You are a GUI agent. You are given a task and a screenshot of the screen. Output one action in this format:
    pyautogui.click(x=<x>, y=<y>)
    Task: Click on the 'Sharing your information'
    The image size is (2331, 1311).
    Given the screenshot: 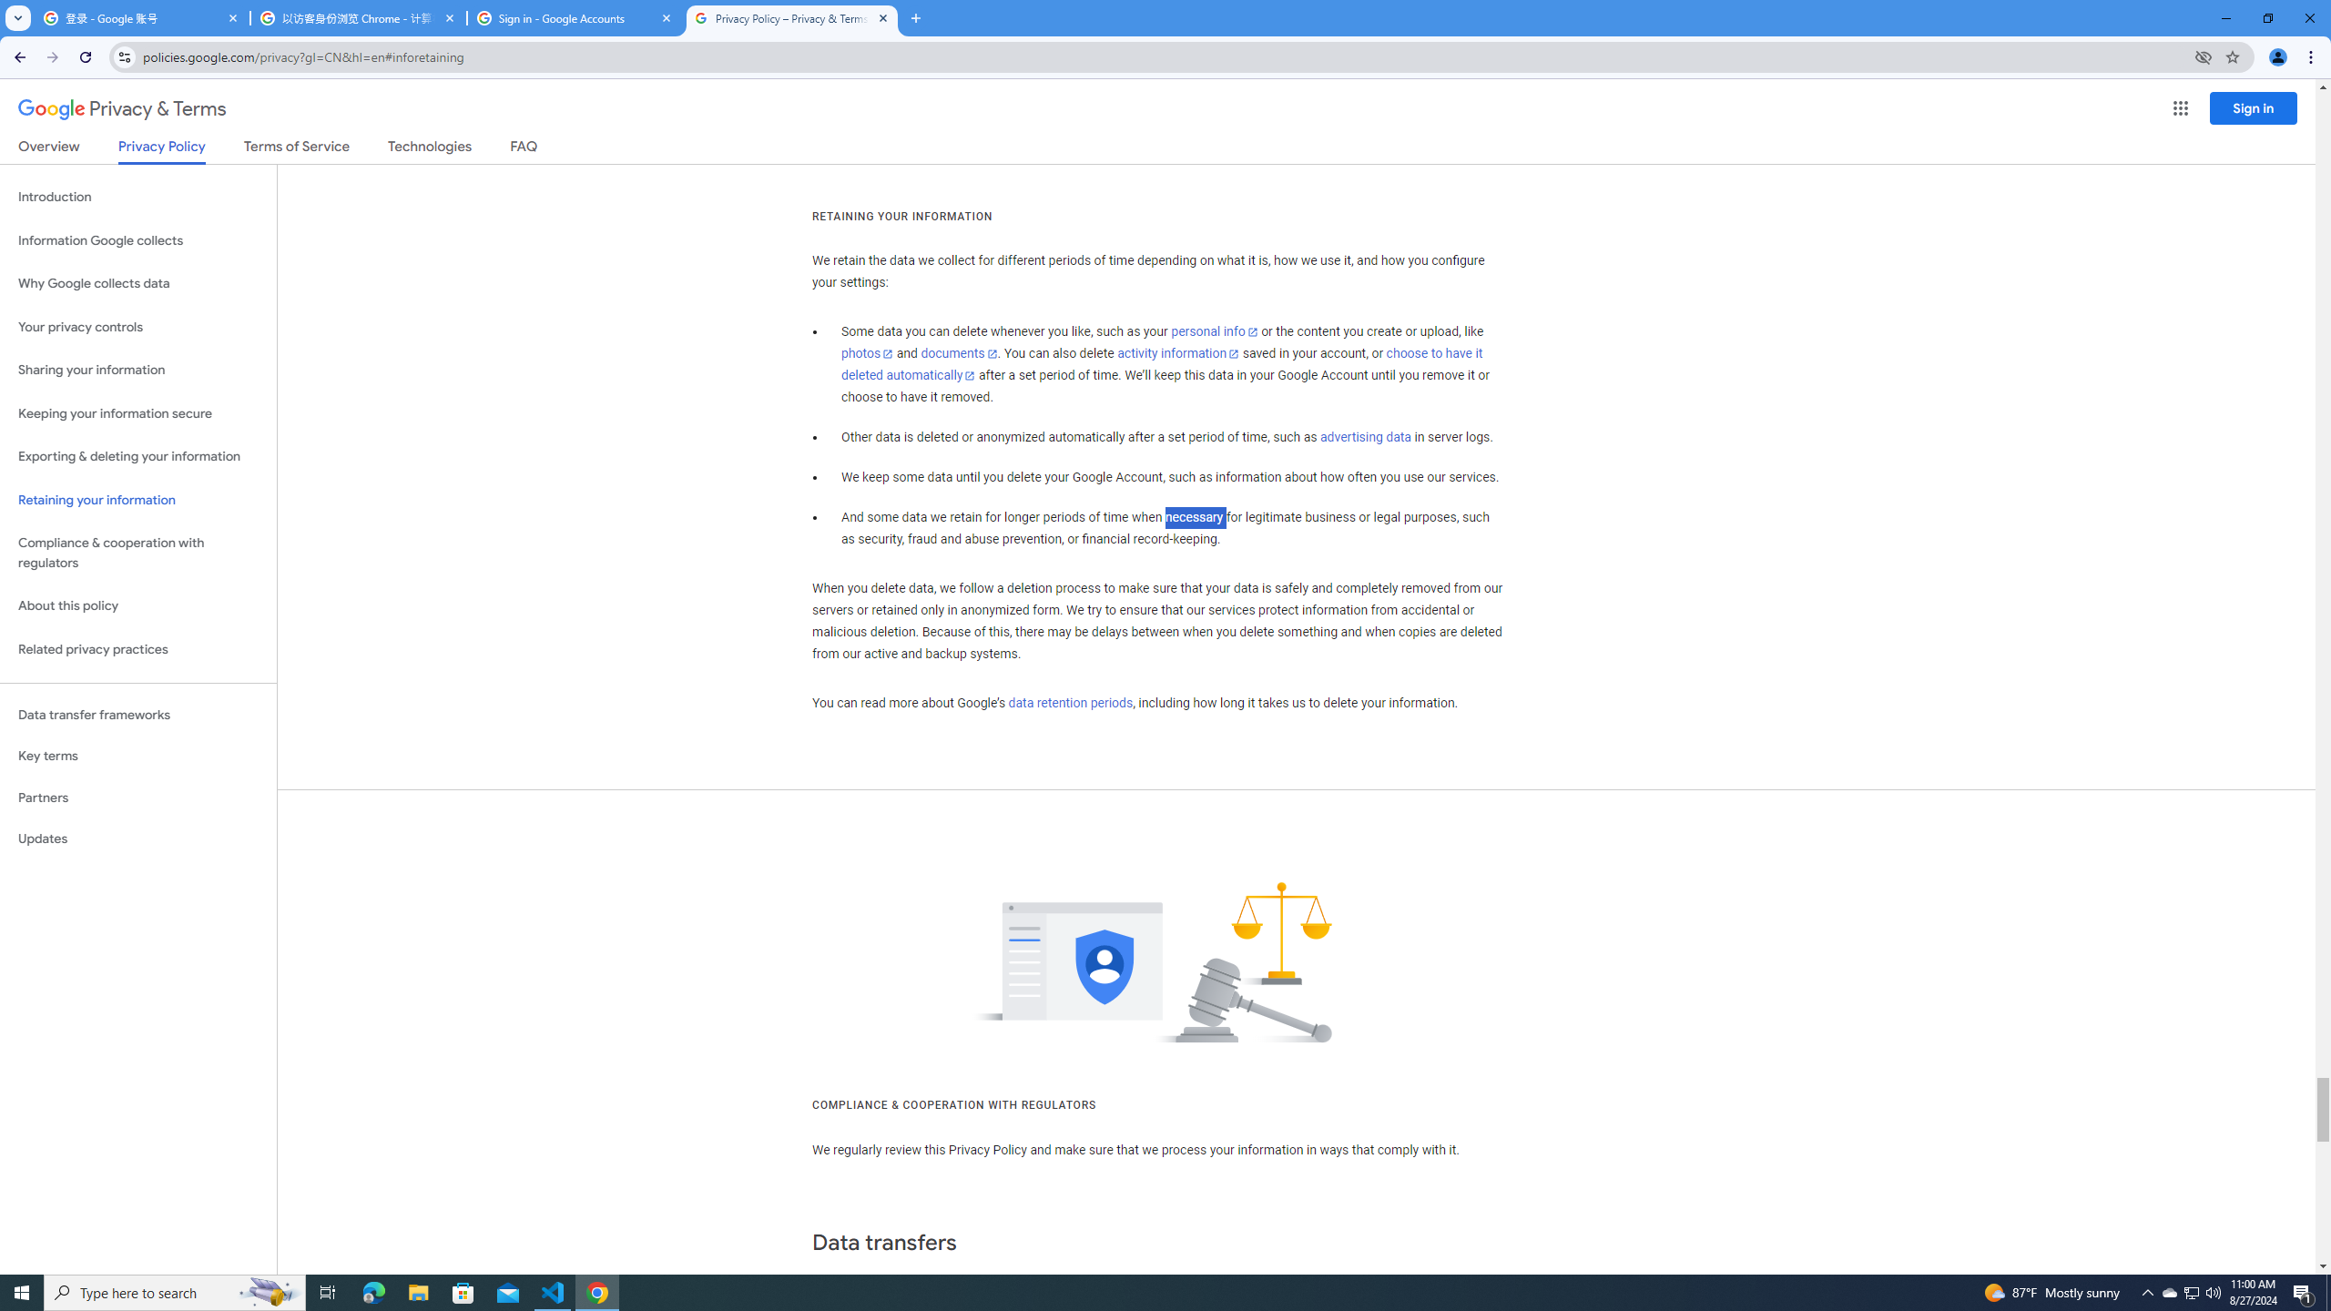 What is the action you would take?
    pyautogui.click(x=137, y=369)
    